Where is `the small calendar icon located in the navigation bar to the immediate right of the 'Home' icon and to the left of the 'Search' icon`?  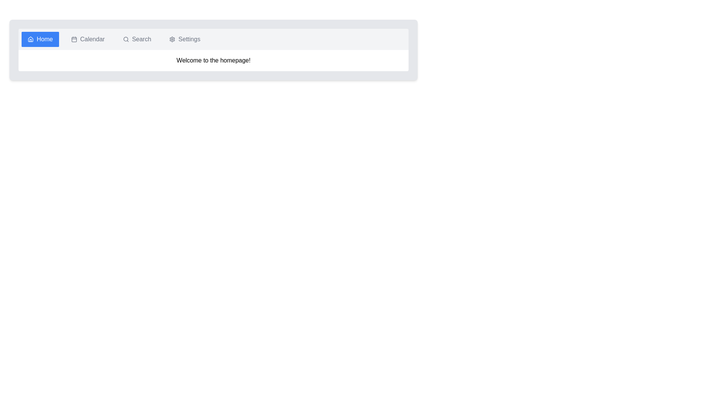 the small calendar icon located in the navigation bar to the immediate right of the 'Home' icon and to the left of the 'Search' icon is located at coordinates (74, 39).